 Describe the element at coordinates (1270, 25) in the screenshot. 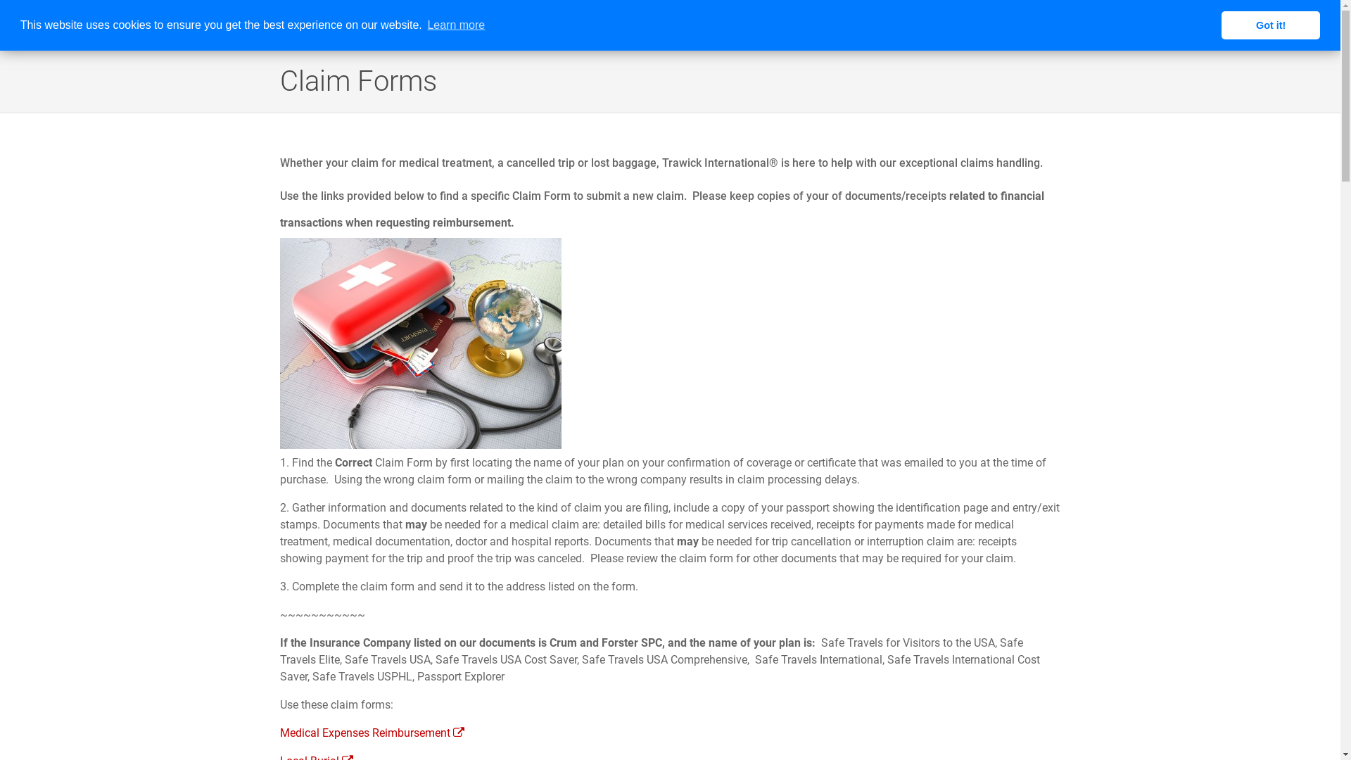

I see `'Got it!'` at that location.